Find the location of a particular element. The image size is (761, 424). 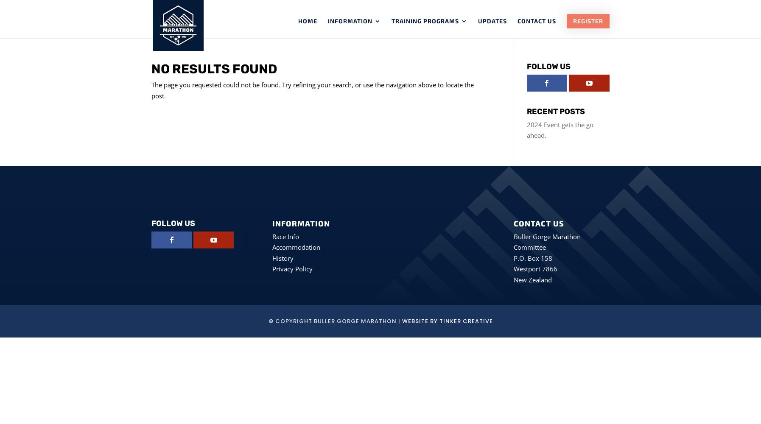

'Contact Us' is located at coordinates (536, 21).